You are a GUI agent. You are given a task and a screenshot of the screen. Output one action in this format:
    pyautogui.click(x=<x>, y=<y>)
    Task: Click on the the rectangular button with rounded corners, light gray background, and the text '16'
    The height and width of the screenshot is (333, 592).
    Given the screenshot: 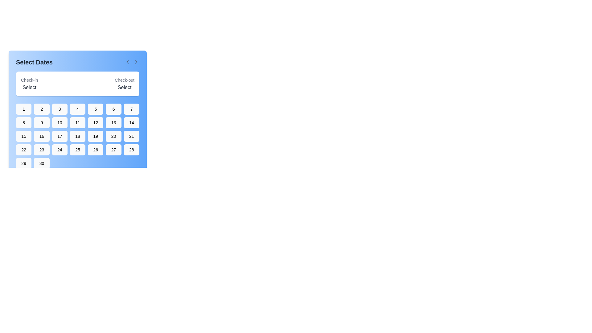 What is the action you would take?
    pyautogui.click(x=41, y=136)
    